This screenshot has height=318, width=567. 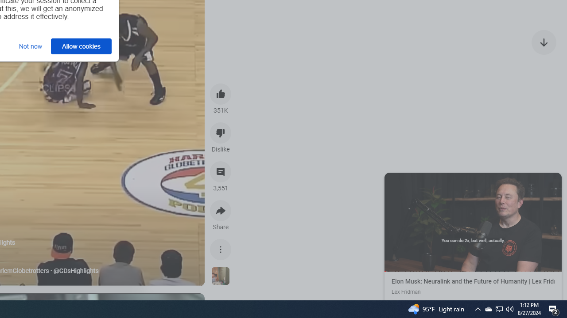 I want to click on 'Share', so click(x=221, y=211).